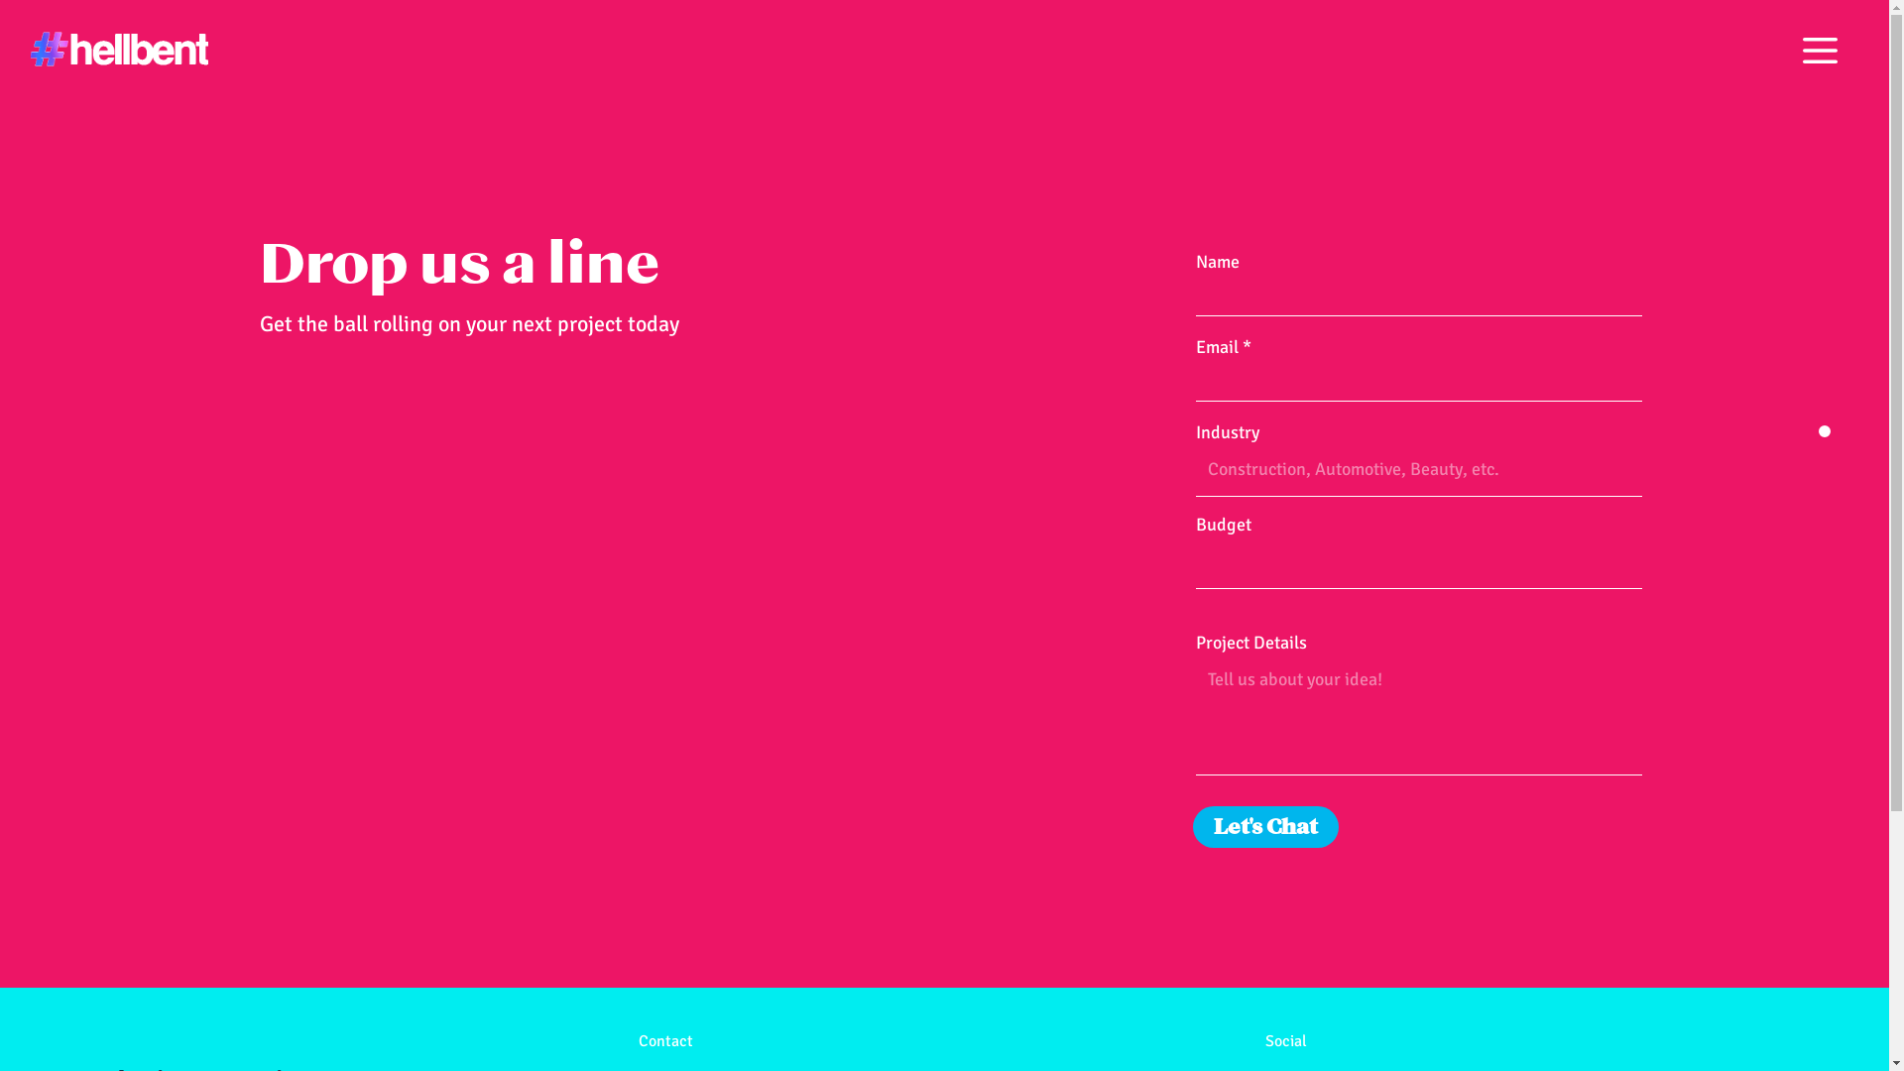 The image size is (1904, 1071). Describe the element at coordinates (1264, 826) in the screenshot. I see `'Let's Chat'` at that location.